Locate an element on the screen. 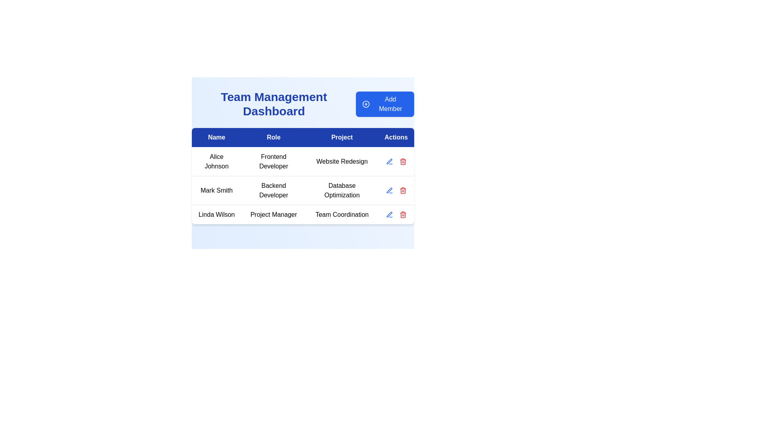 Image resolution: width=761 pixels, height=428 pixels. the blue pen icon in the 'Actions' column of the 'Backend Developer' row is located at coordinates (389, 161).